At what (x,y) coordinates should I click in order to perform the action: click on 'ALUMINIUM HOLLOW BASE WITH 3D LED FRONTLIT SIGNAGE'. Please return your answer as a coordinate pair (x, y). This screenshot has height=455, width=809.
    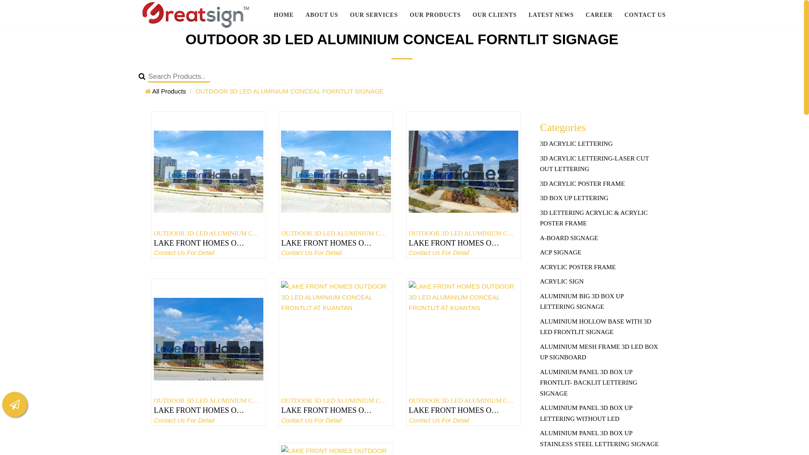
    Looking at the image, I should click on (599, 327).